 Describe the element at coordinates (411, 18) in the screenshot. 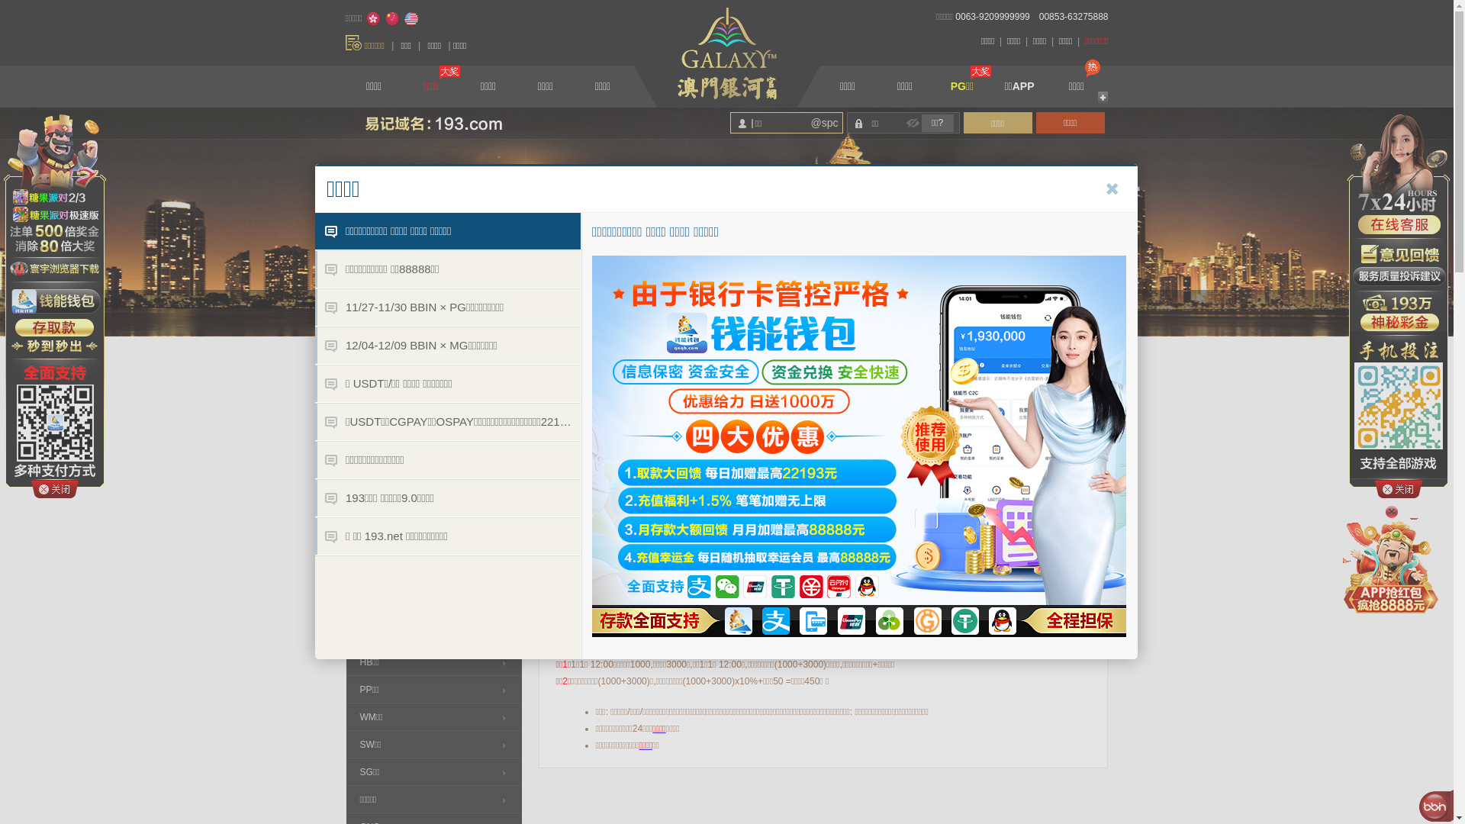

I see `'English'` at that location.